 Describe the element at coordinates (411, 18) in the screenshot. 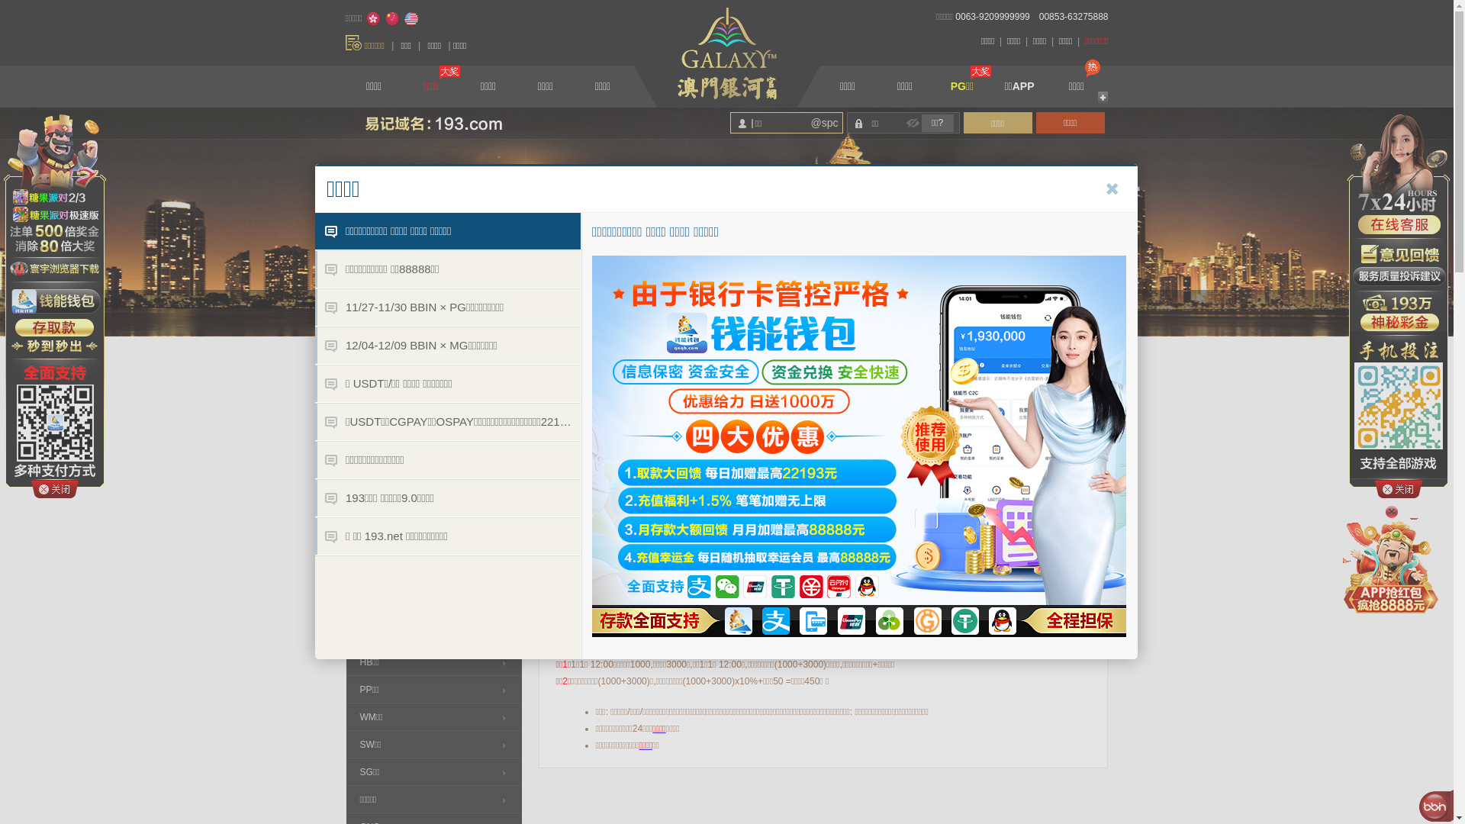

I see `'English'` at that location.